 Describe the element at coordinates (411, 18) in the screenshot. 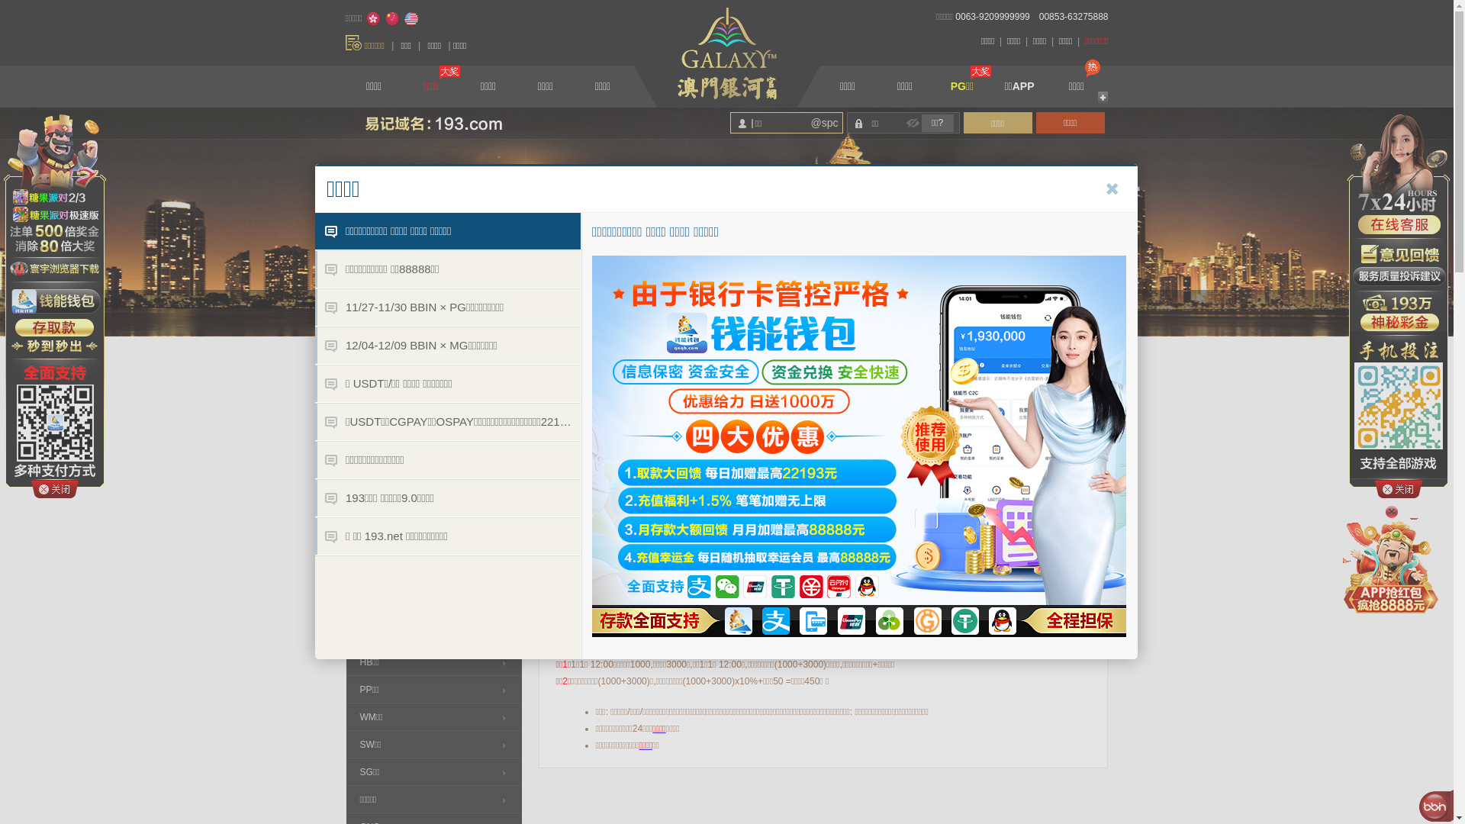

I see `'English'` at that location.